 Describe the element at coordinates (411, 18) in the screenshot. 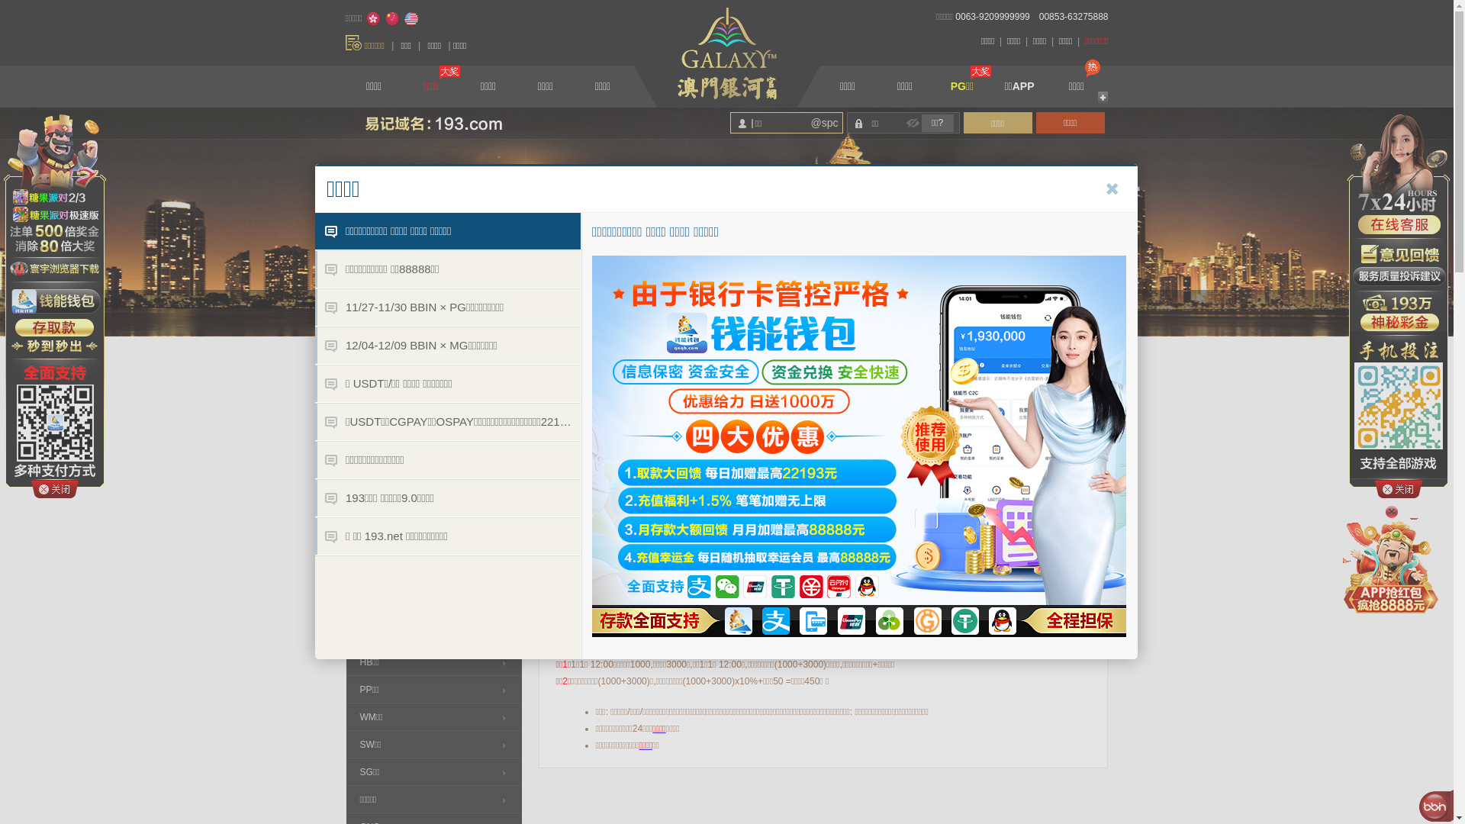

I see `'English'` at that location.